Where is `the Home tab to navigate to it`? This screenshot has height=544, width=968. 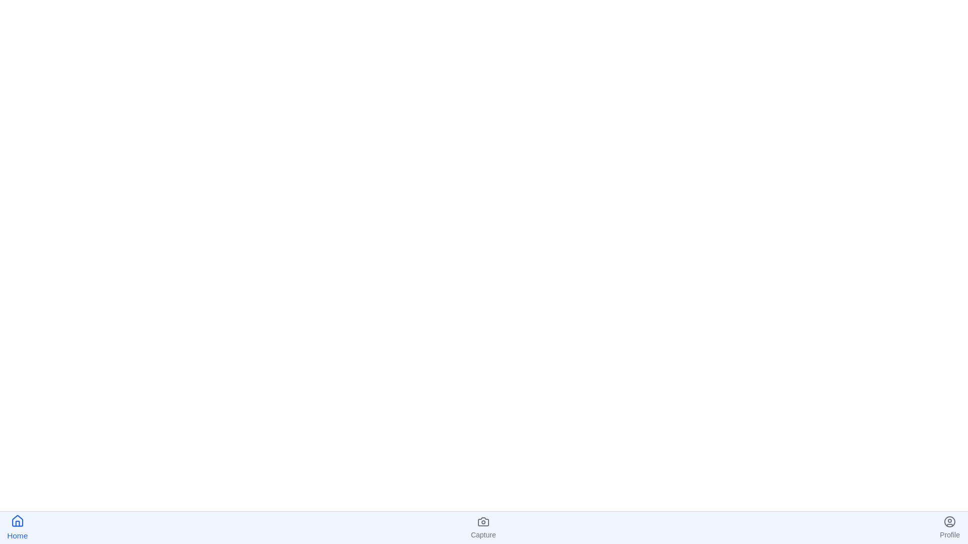
the Home tab to navigate to it is located at coordinates (17, 527).